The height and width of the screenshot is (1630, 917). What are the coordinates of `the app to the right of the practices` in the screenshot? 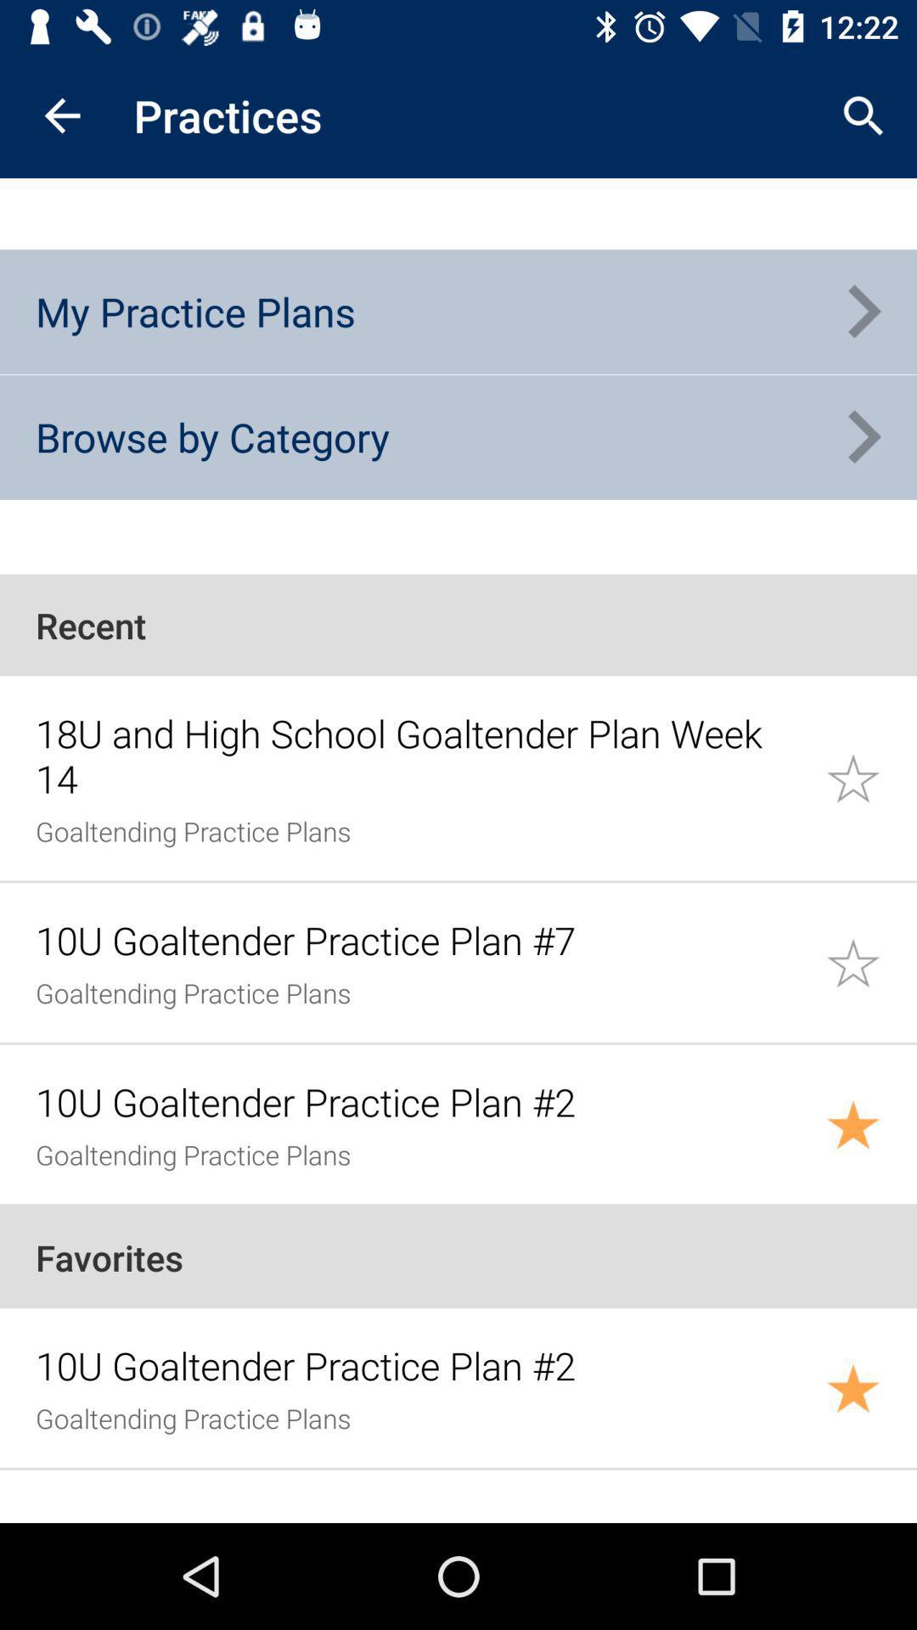 It's located at (864, 115).